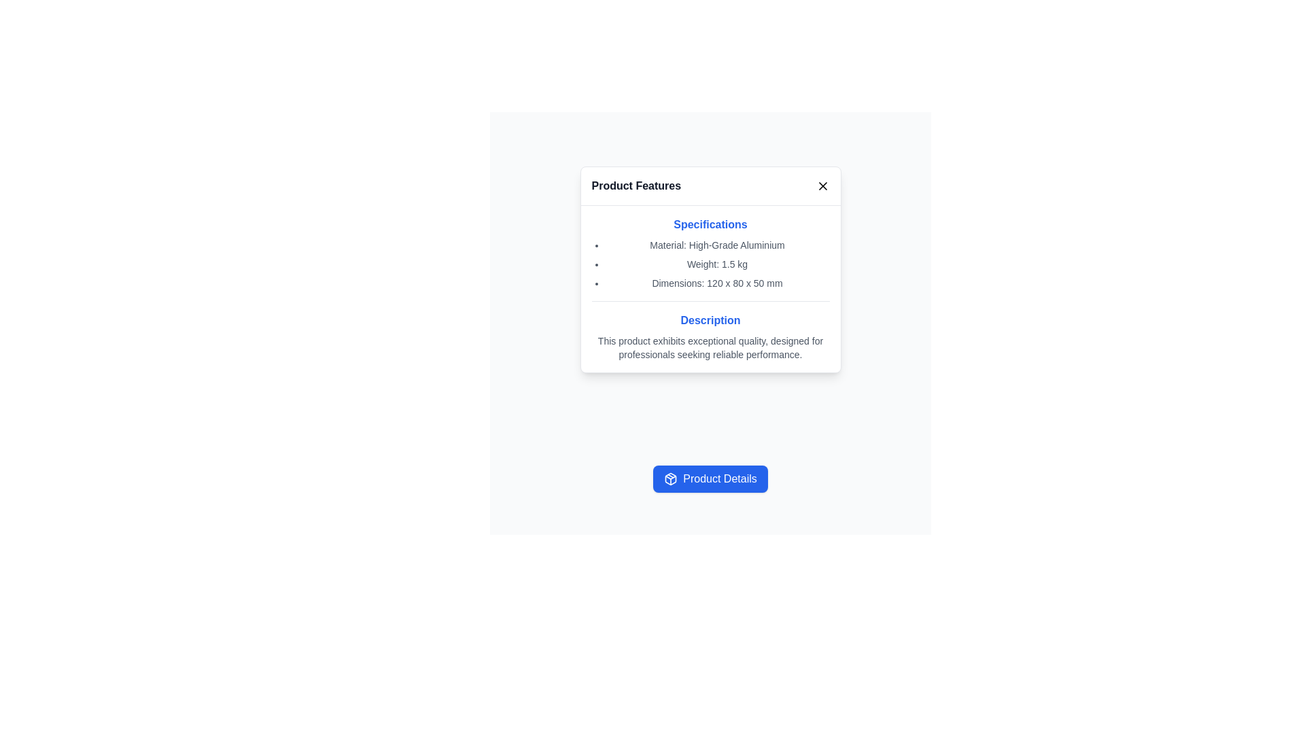  I want to click on first item in the bullet-point list under the 'Specifications' heading, which describes the material used in the product, so click(716, 245).